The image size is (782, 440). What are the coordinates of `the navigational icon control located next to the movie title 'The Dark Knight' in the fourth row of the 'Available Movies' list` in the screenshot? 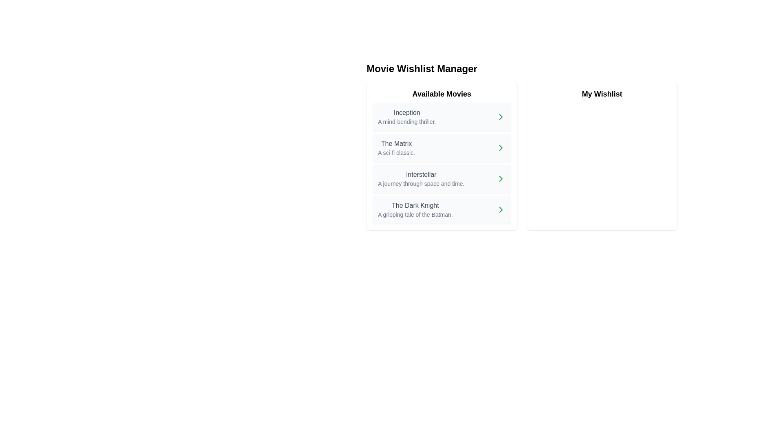 It's located at (500, 117).